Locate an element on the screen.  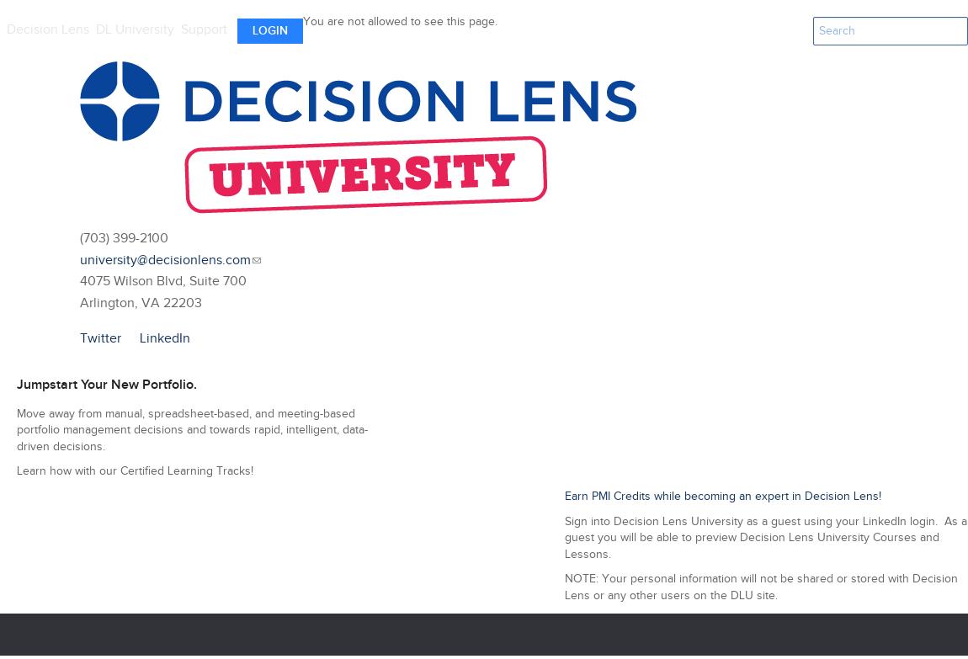
'4075 Wilson Blvd, Suite 700' is located at coordinates (162, 281).